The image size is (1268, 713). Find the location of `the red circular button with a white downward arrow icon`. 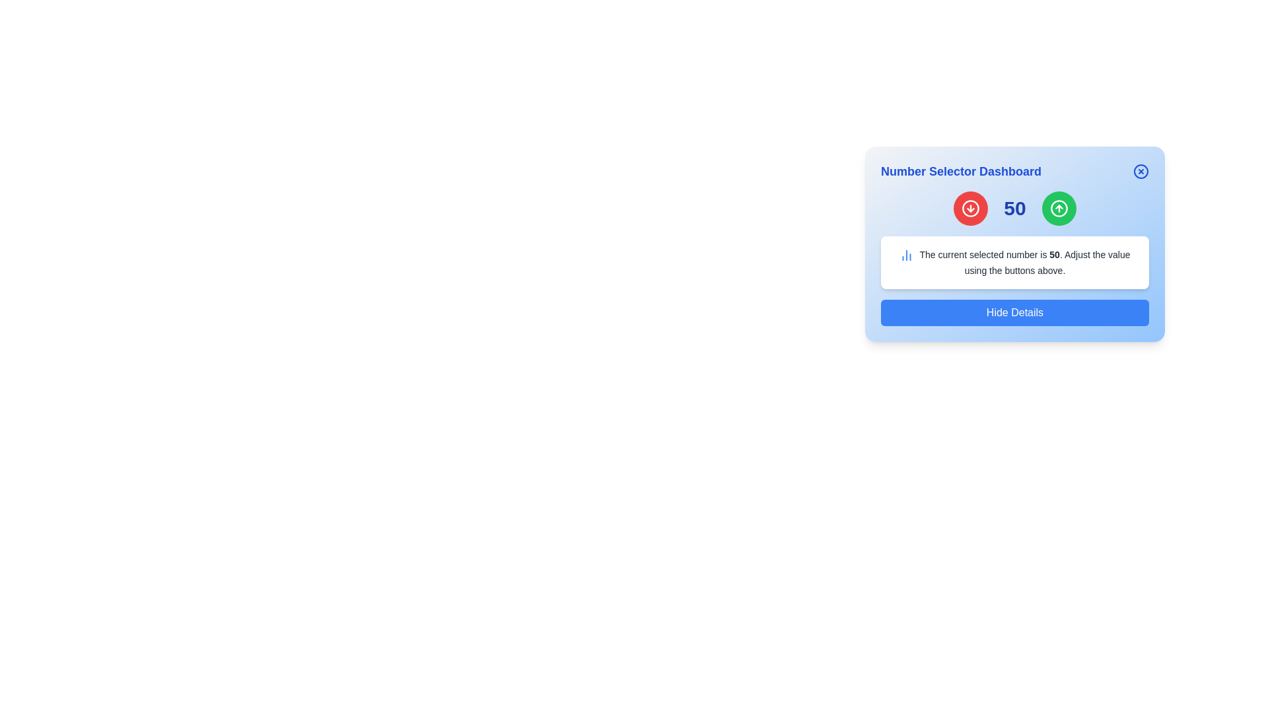

the red circular button with a white downward arrow icon is located at coordinates (971, 208).